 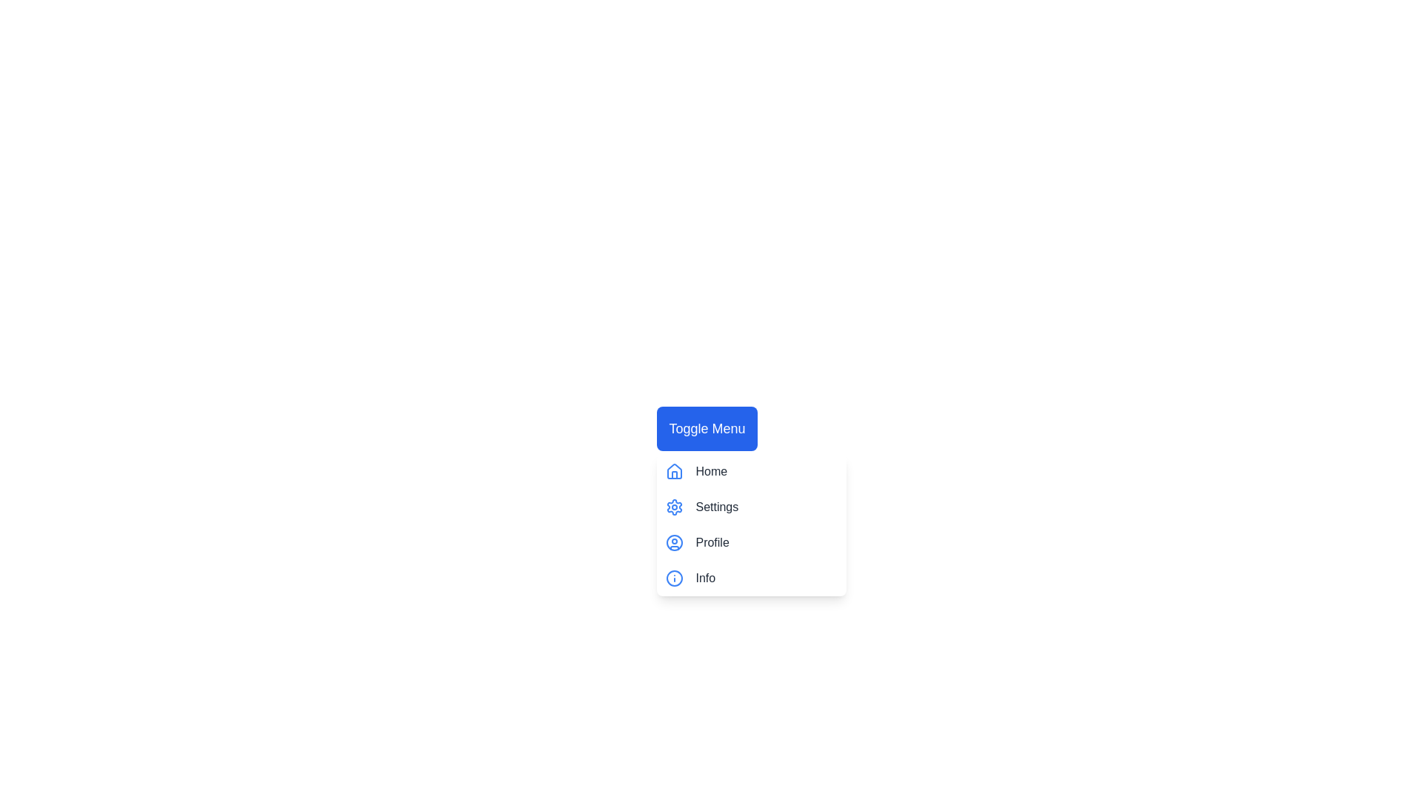 What do you see at coordinates (751, 507) in the screenshot?
I see `the menu item Settings by clicking on it` at bounding box center [751, 507].